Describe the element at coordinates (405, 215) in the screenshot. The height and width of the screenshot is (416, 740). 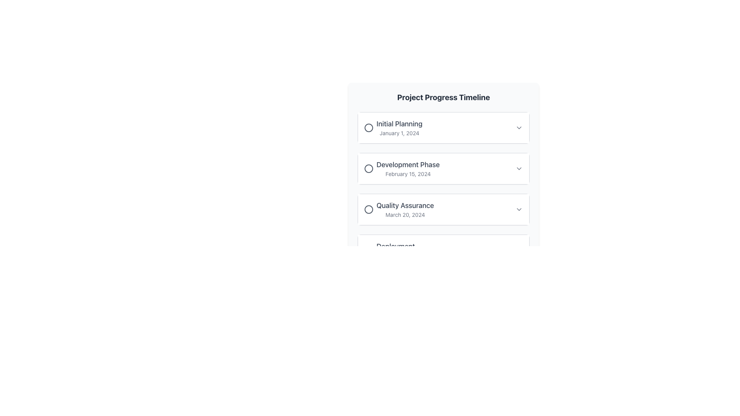
I see `date displayed in the text label showing 'March 20, 2024', which is located below the 'Quality Assurance' title in the timeline list` at that location.